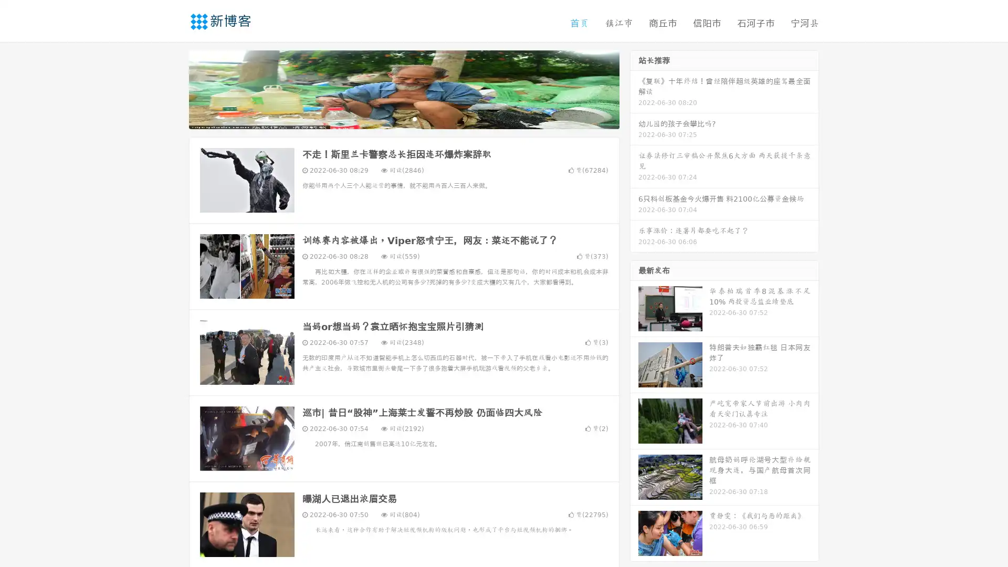  Describe the element at coordinates (173, 88) in the screenshot. I see `Previous slide` at that location.